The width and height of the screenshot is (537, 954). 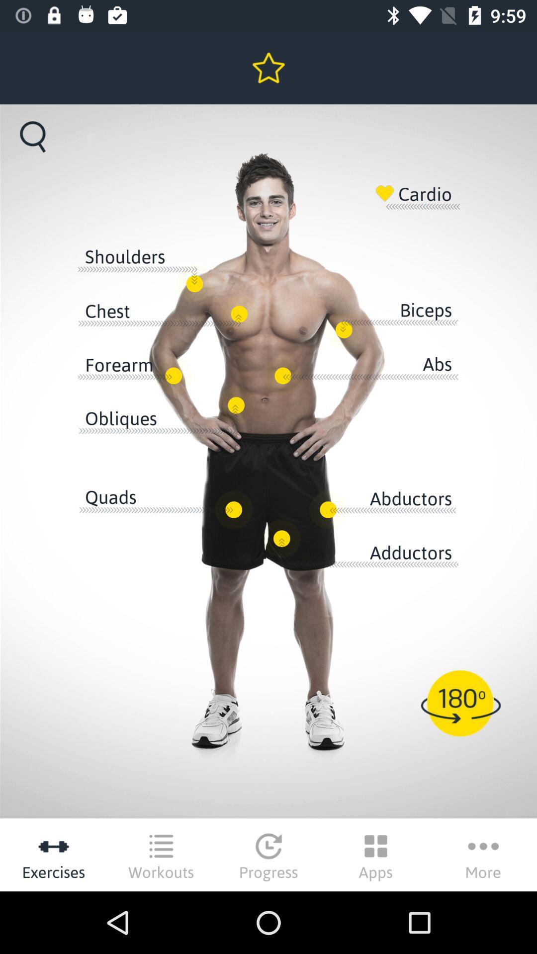 I want to click on the search icon, so click(x=32, y=136).